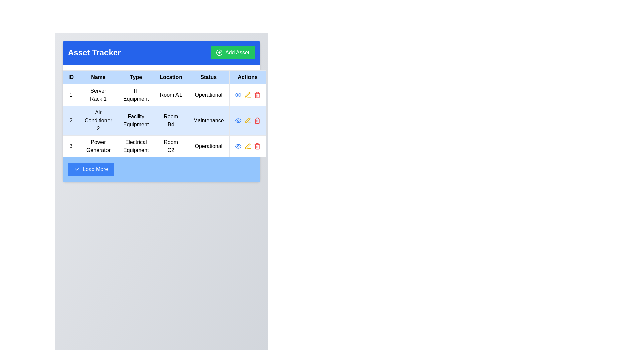 This screenshot has height=361, width=643. What do you see at coordinates (247, 95) in the screenshot?
I see `the pen icon with a yellow outline` at bounding box center [247, 95].